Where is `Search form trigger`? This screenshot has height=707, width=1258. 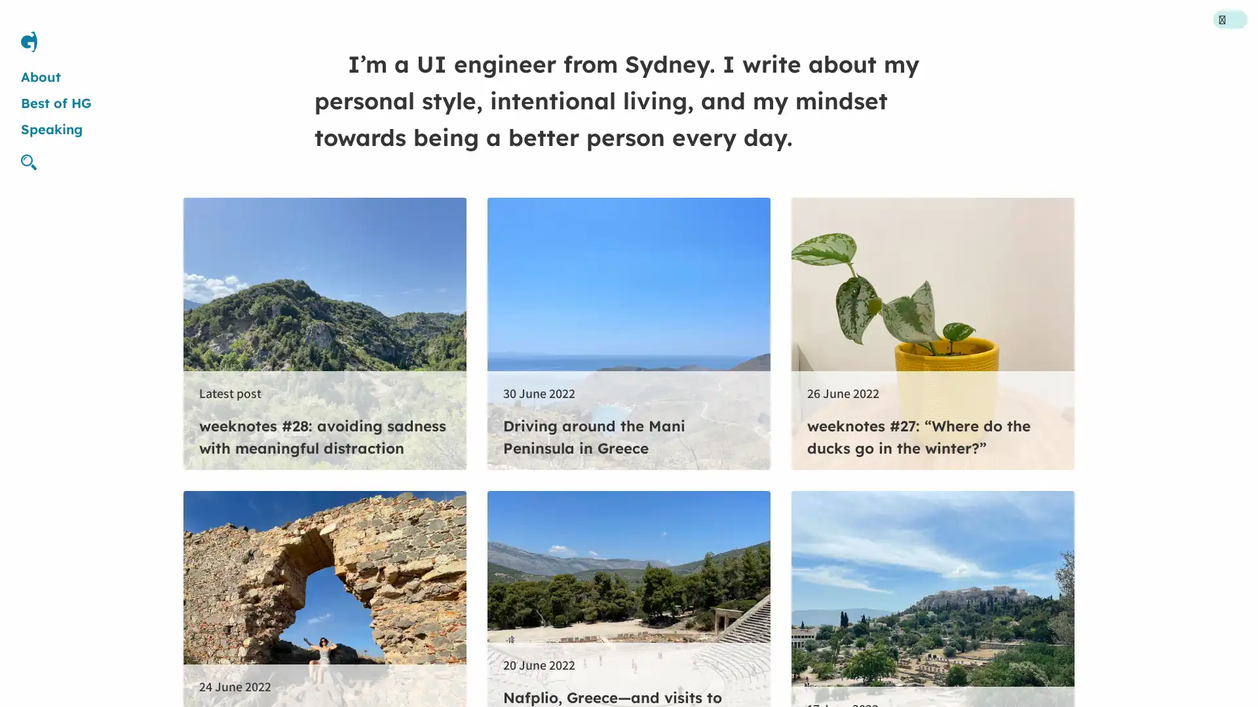
Search form trigger is located at coordinates (34, 161).